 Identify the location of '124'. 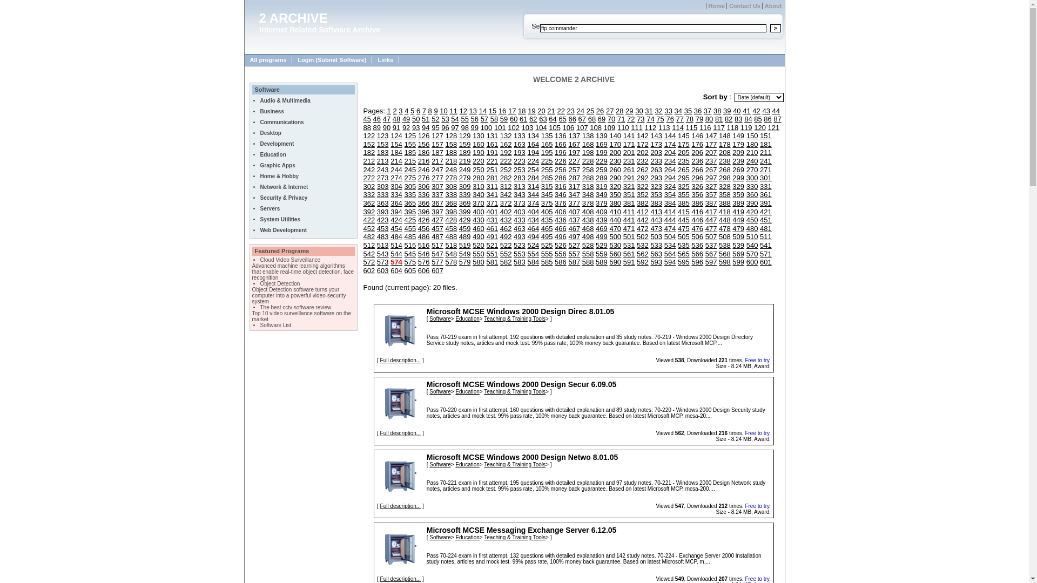
(396, 135).